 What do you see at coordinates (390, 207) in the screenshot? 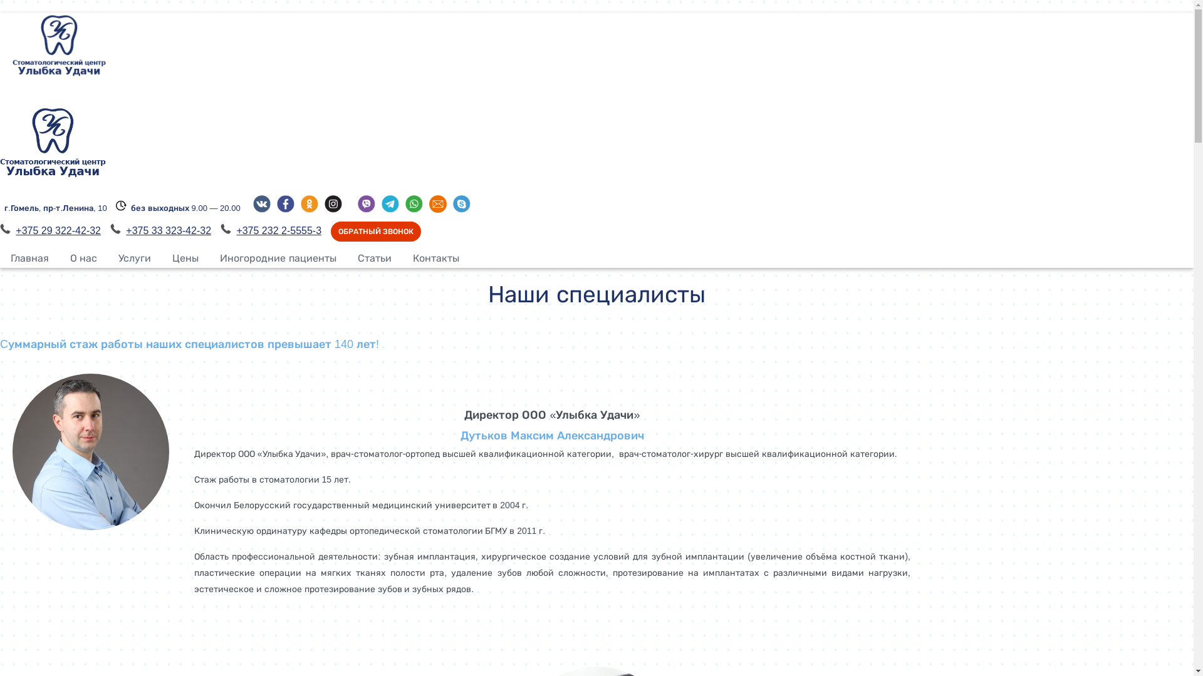
I see `'Telegram'` at bounding box center [390, 207].